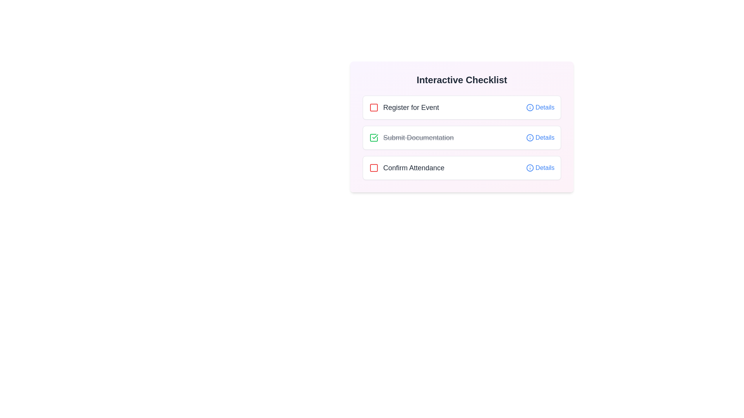 The image size is (744, 418). What do you see at coordinates (374, 137) in the screenshot?
I see `the Checkbox (checked state) icon indicating the completion of 'Submit Documentation', which is the second checkbox in the checklist component` at bounding box center [374, 137].